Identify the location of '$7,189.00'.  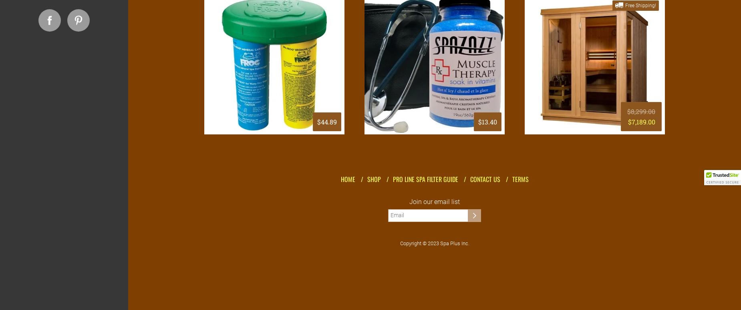
(641, 121).